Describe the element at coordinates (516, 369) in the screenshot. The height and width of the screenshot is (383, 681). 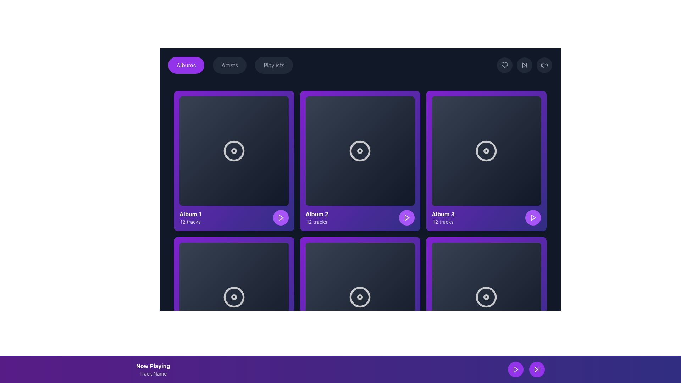
I see `the play icon button, which is a right-pointing triangle inside a purple circular border` at that location.